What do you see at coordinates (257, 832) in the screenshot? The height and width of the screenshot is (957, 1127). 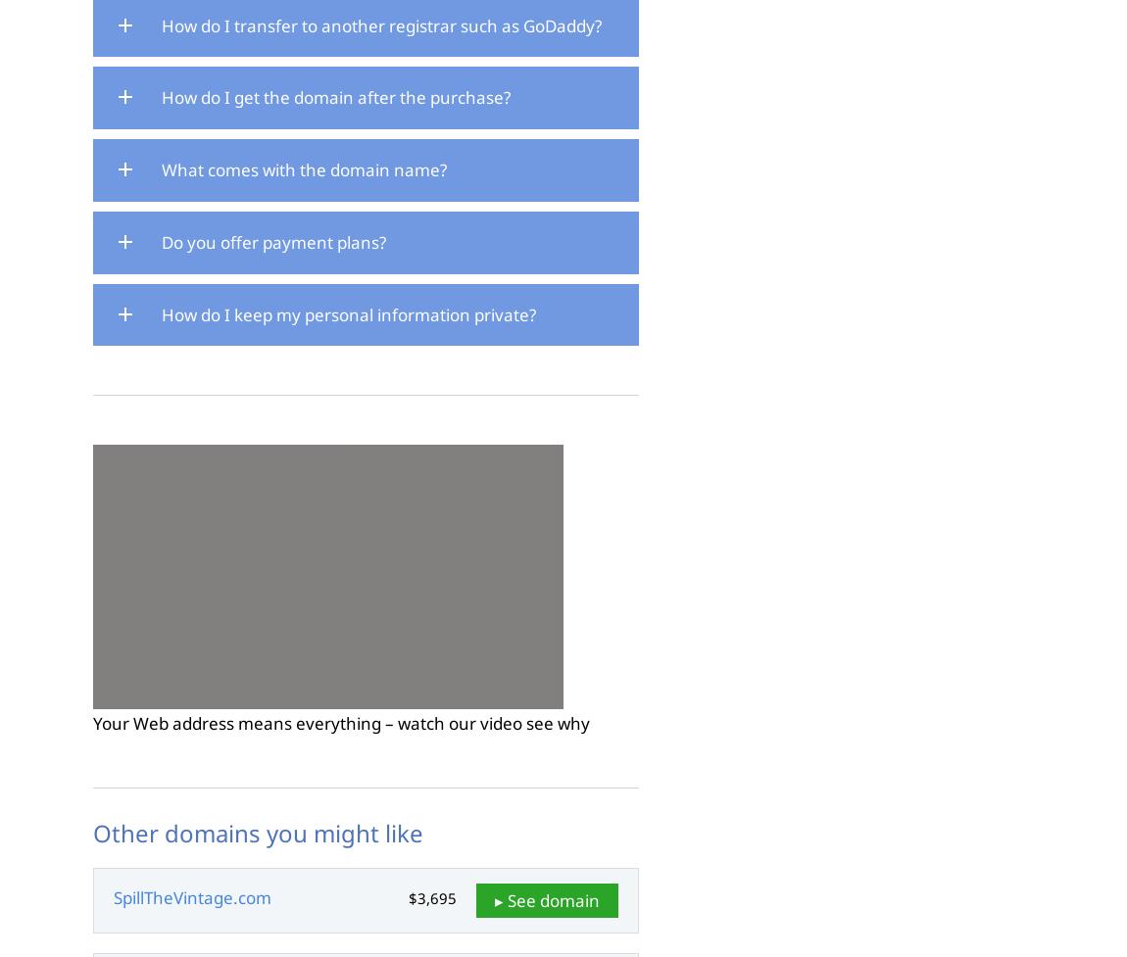 I see `'Other domains you might like'` at bounding box center [257, 832].